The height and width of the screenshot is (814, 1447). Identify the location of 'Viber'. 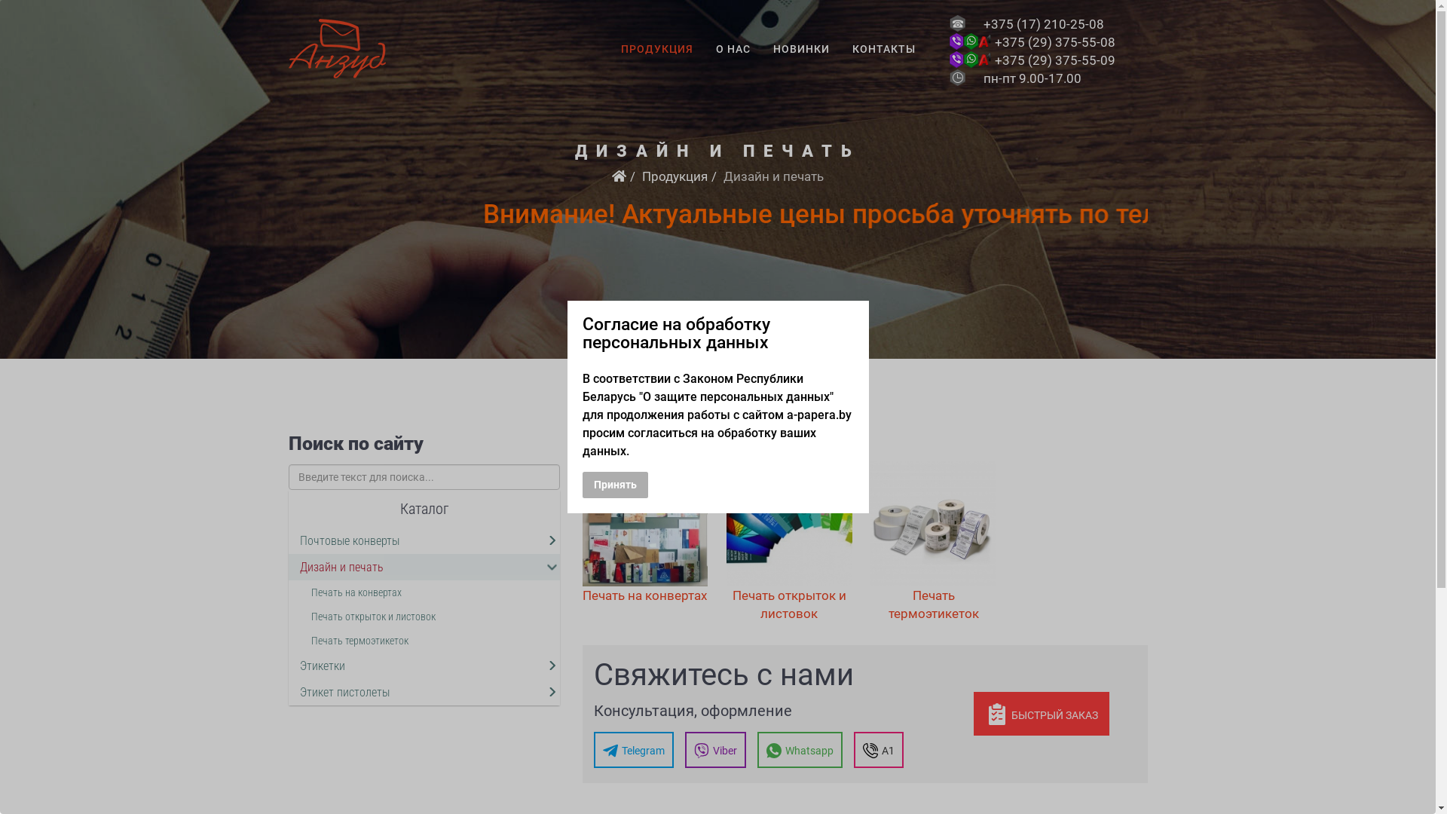
(714, 749).